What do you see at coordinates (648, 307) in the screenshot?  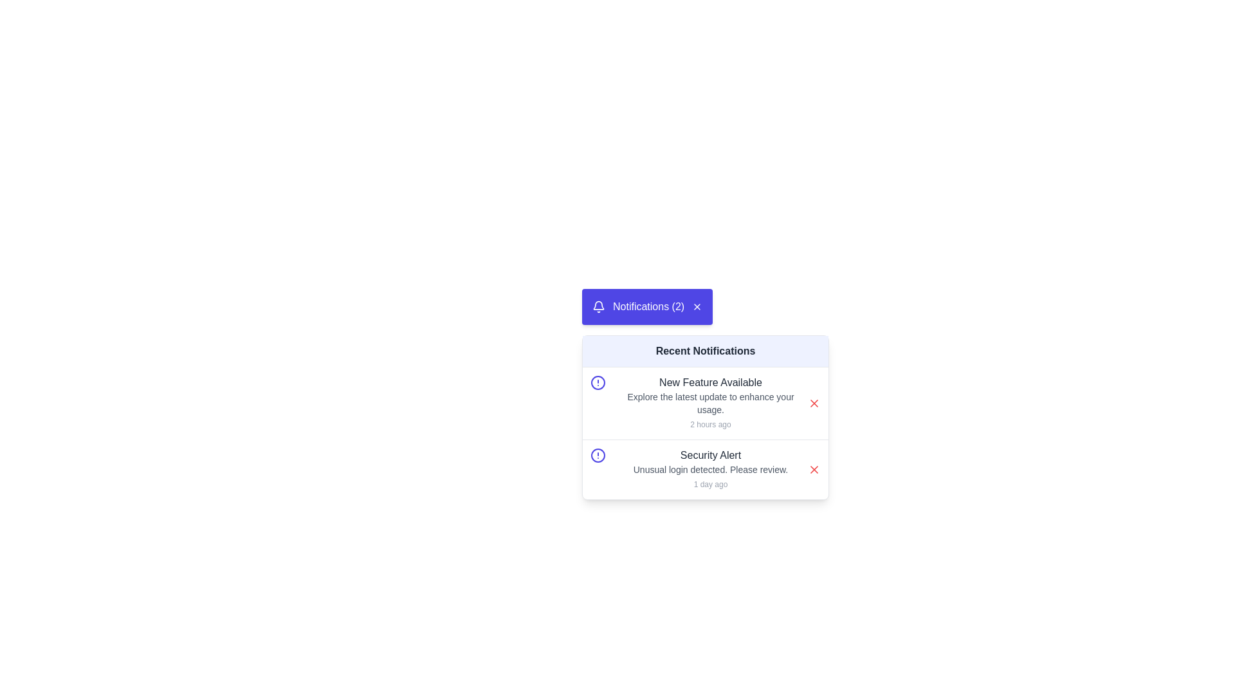 I see `text content of the notification label located on the top-right side of the interface, next to the bell icon` at bounding box center [648, 307].